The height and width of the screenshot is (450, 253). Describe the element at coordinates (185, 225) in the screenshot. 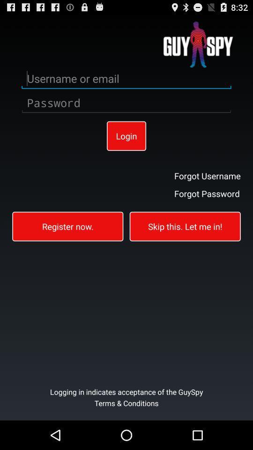

I see `the skip this let icon` at that location.